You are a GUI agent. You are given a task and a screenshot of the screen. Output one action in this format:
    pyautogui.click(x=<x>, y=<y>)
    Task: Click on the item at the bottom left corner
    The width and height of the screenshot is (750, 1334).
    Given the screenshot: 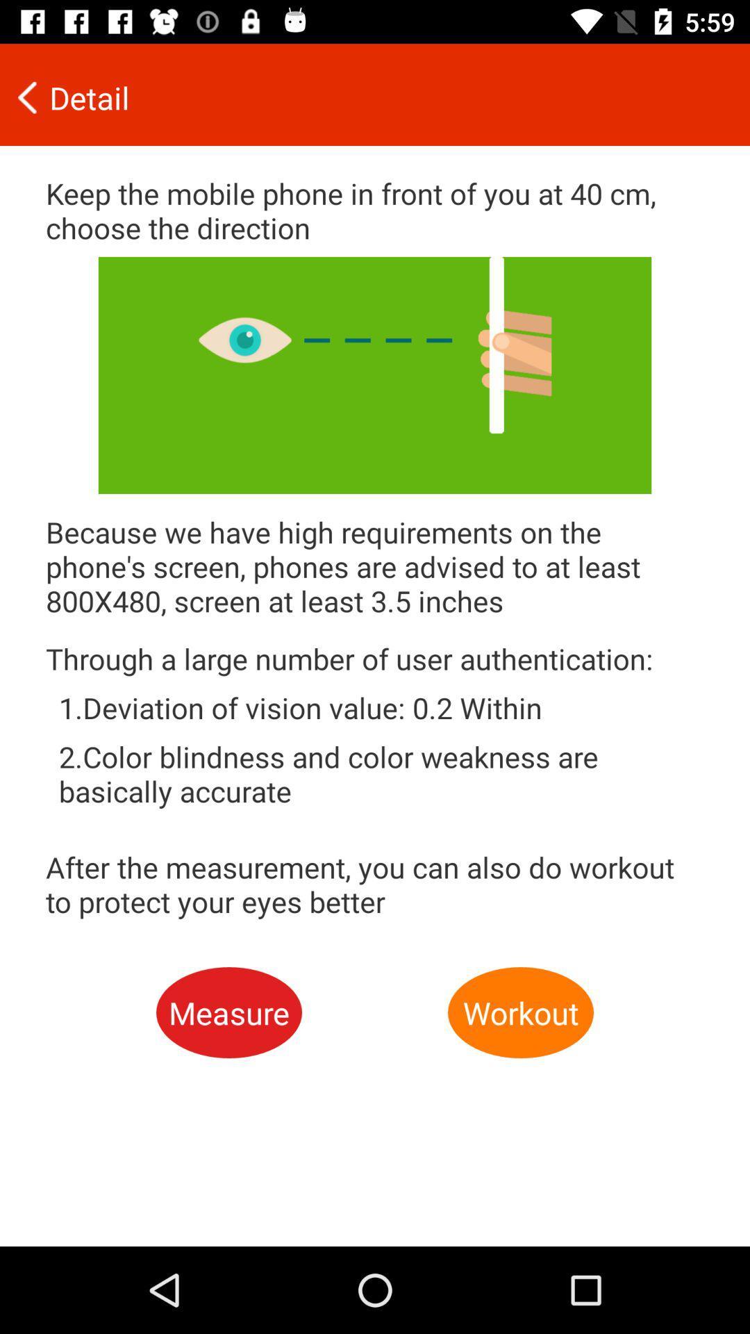 What is the action you would take?
    pyautogui.click(x=228, y=1012)
    